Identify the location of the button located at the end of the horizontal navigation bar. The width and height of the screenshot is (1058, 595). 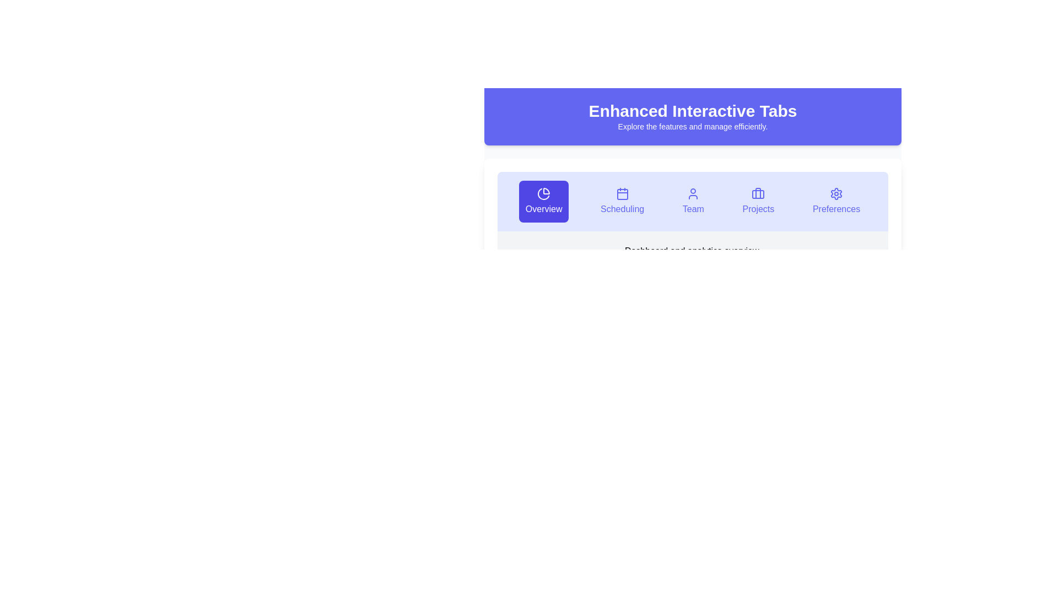
(836, 202).